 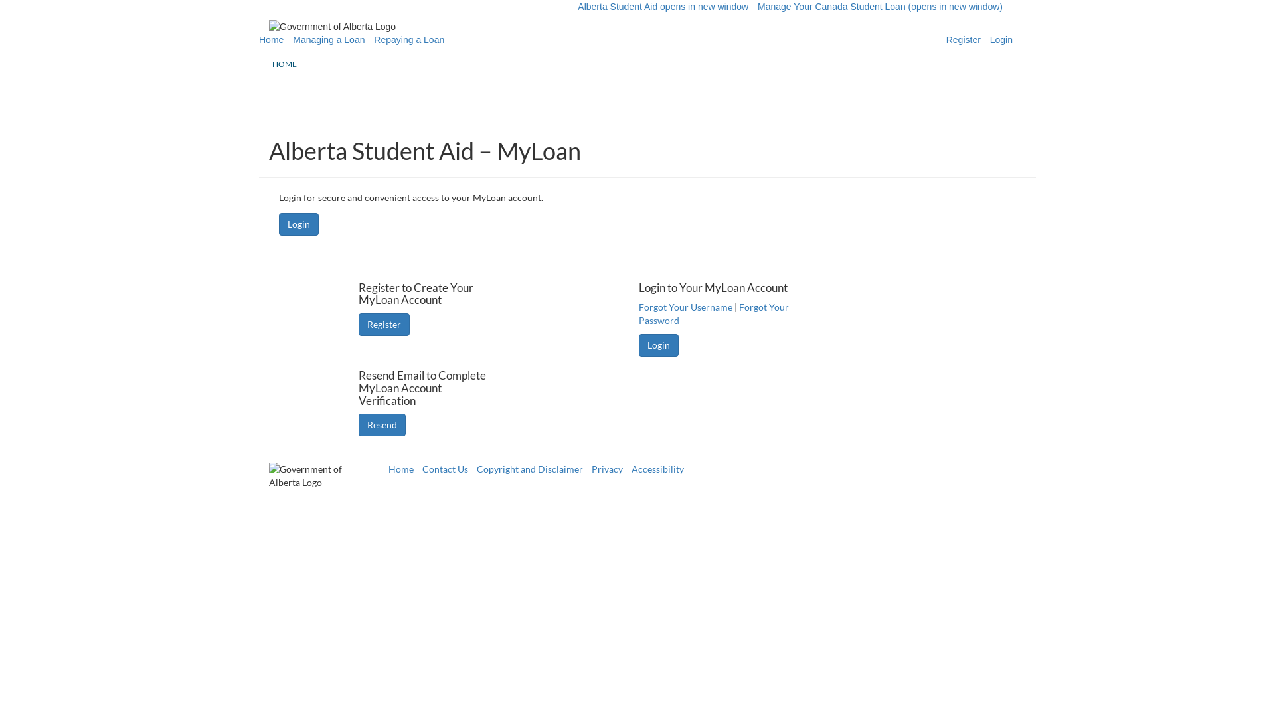 I want to click on 'Home', so click(x=270, y=39).